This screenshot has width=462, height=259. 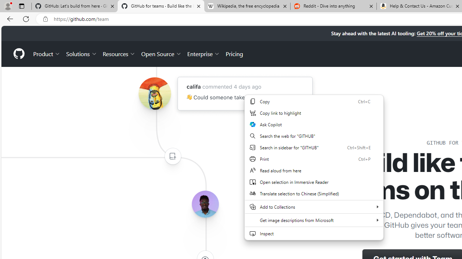 I want to click on 'Enterprise', so click(x=203, y=53).